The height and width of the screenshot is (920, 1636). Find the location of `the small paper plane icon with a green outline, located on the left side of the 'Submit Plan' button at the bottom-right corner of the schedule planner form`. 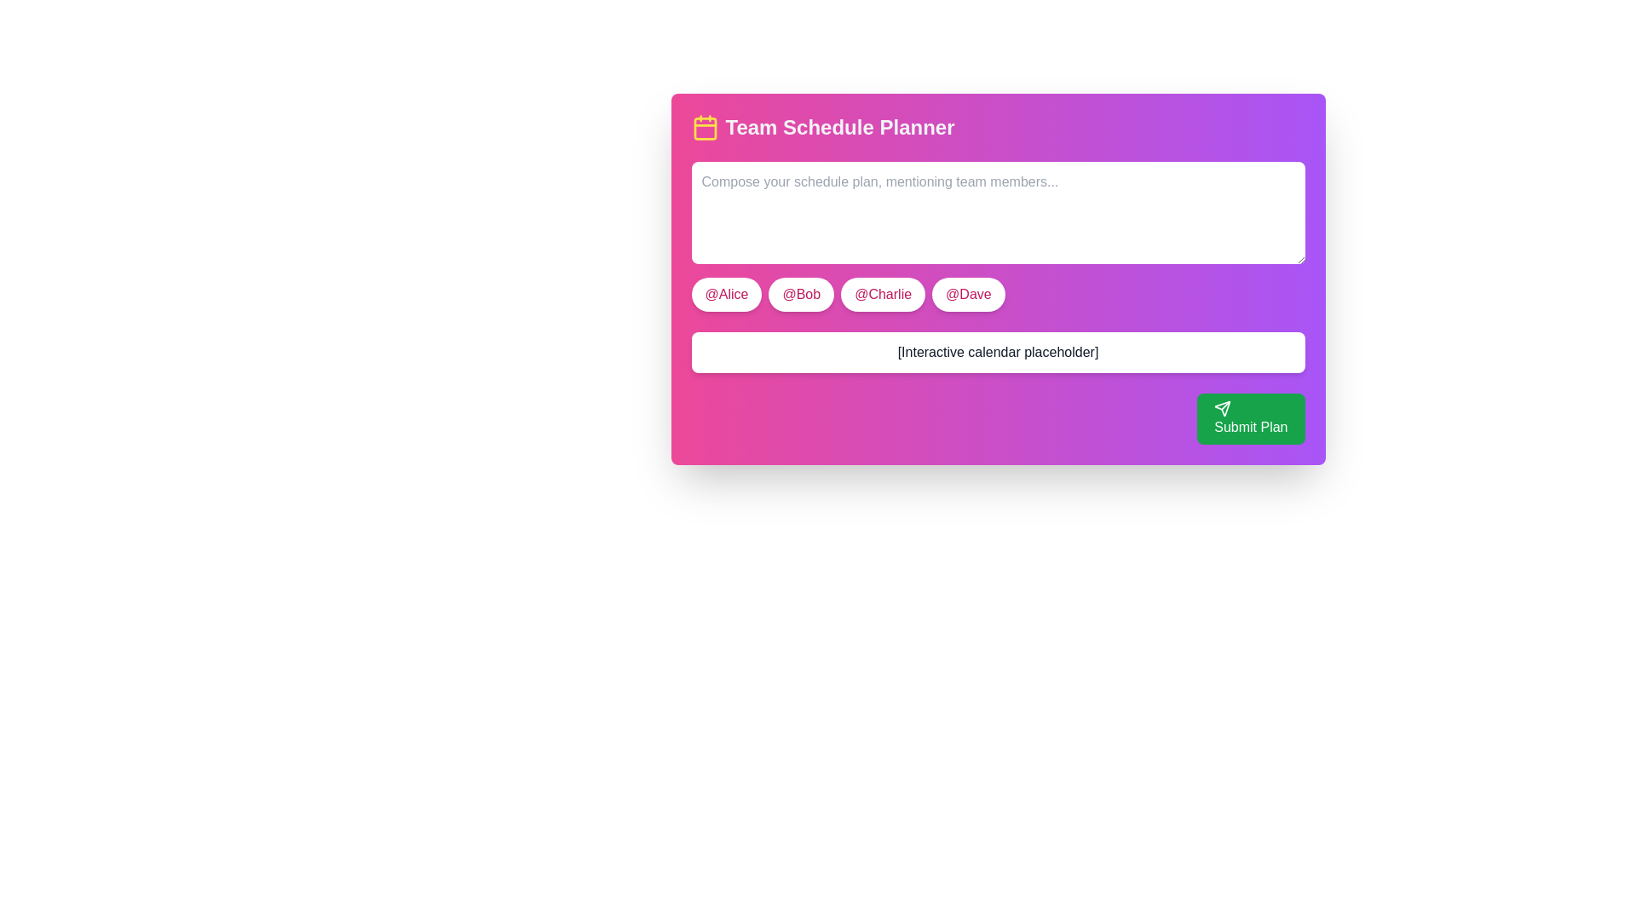

the small paper plane icon with a green outline, located on the left side of the 'Submit Plan' button at the bottom-right corner of the schedule planner form is located at coordinates (1222, 408).